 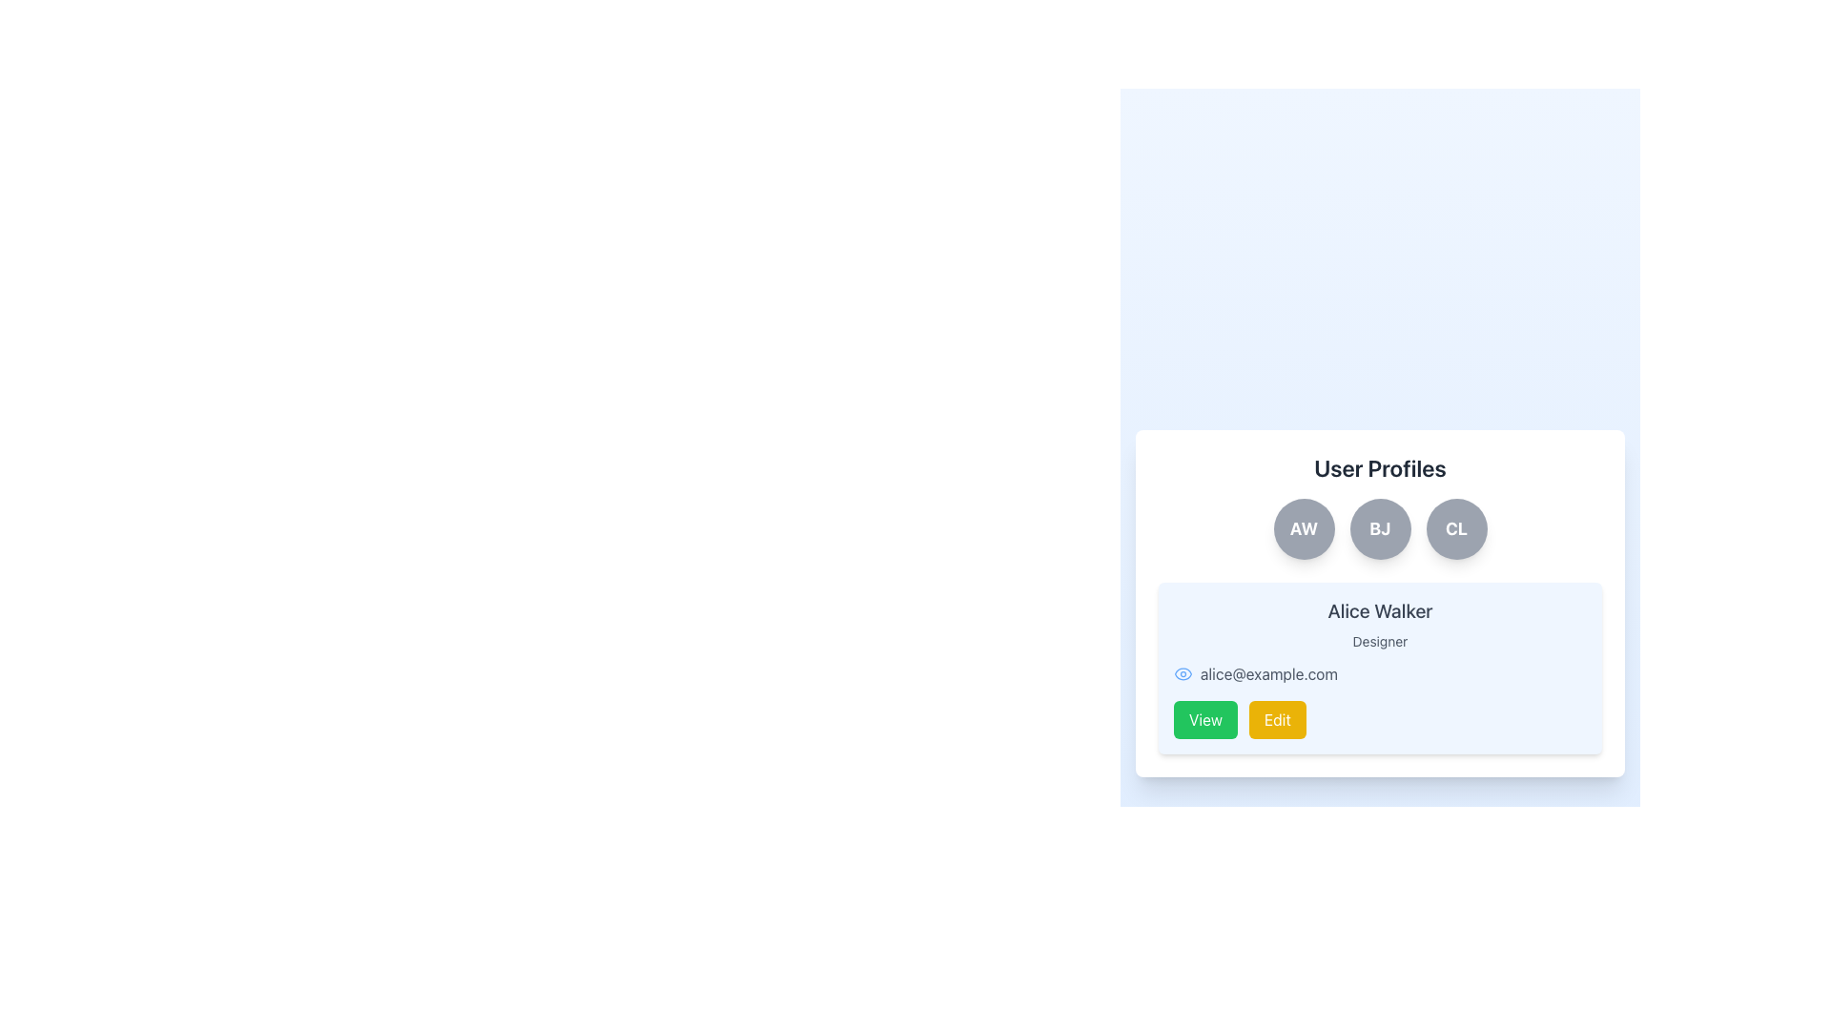 What do you see at coordinates (1380, 467) in the screenshot?
I see `the Text Label that serves as a title for the section of user profiles, located at the top of the card above the circular elements labeled 'AW', 'BJ', and 'CL'` at bounding box center [1380, 467].